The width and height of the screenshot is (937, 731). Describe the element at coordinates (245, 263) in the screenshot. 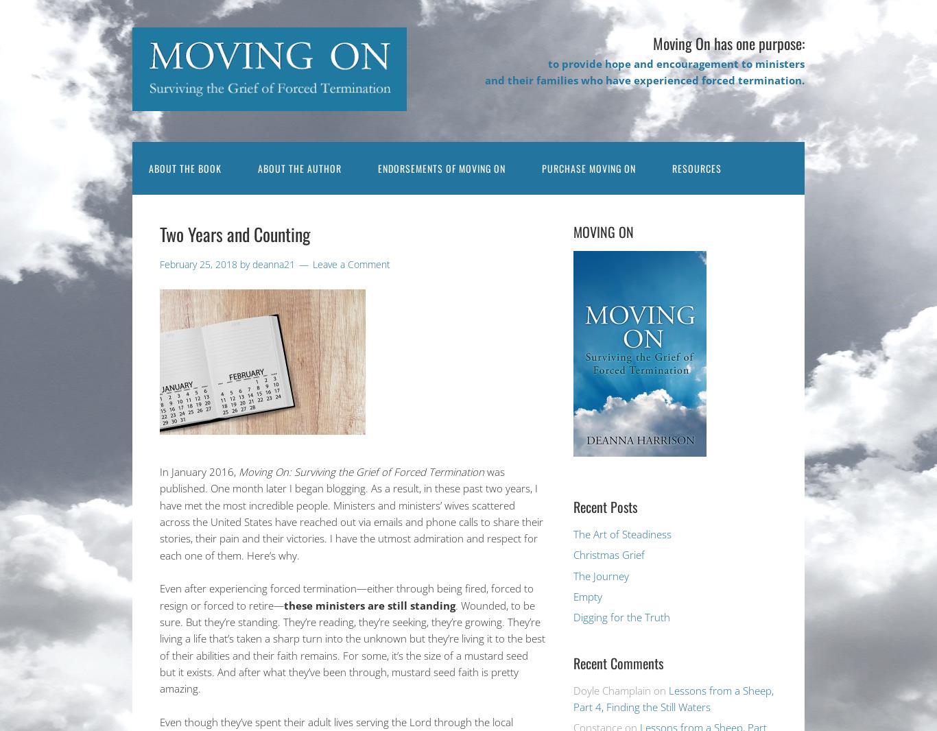

I see `'by'` at that location.